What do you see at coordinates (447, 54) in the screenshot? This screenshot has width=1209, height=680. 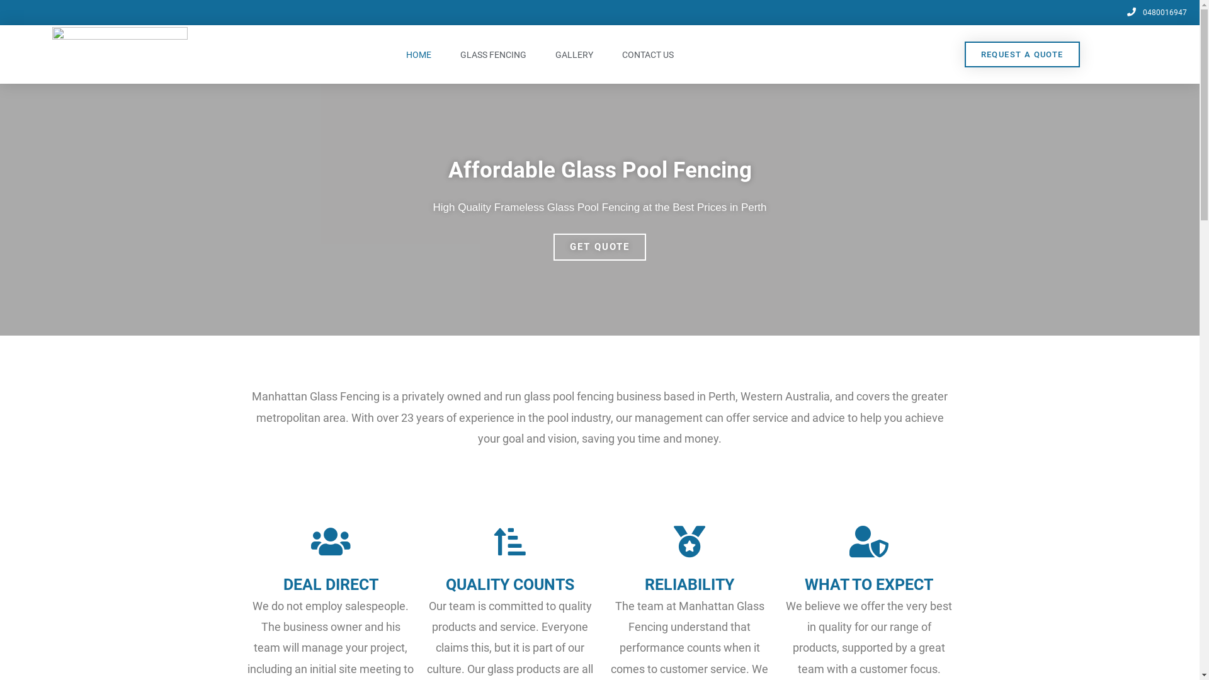 I see `'GLASS FENCING'` at bounding box center [447, 54].